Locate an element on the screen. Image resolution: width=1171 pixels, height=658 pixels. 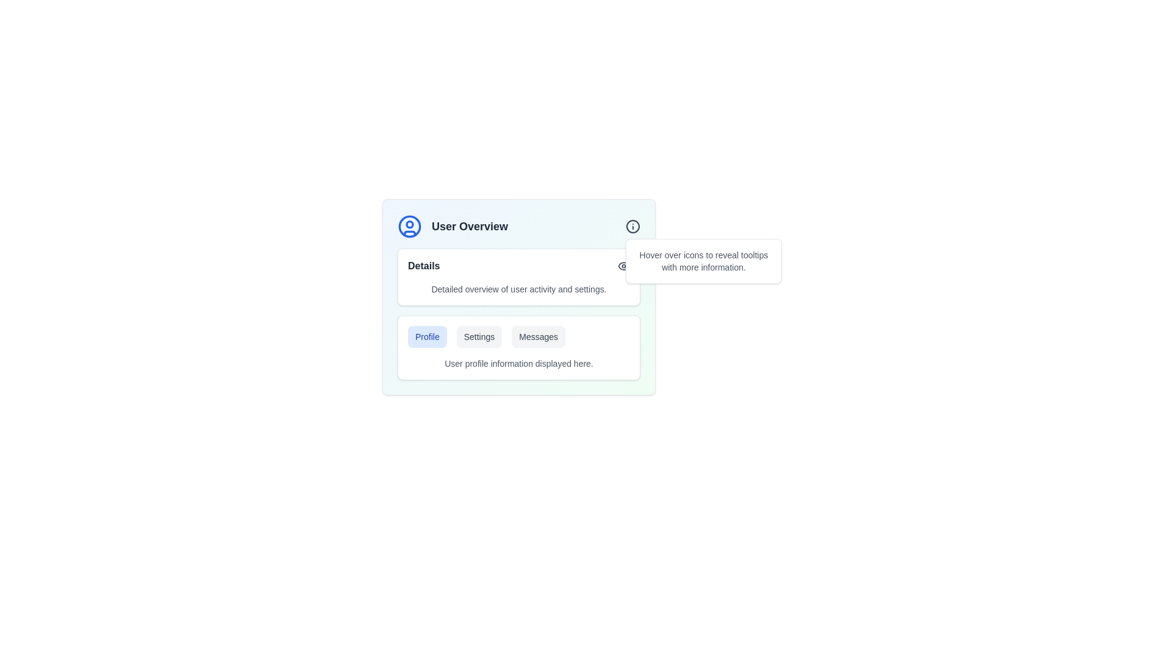
the small circular outline within the user avatar graphic, positioned near the top of the avatar on the left side of the 'User Overview' card is located at coordinates (410, 224).